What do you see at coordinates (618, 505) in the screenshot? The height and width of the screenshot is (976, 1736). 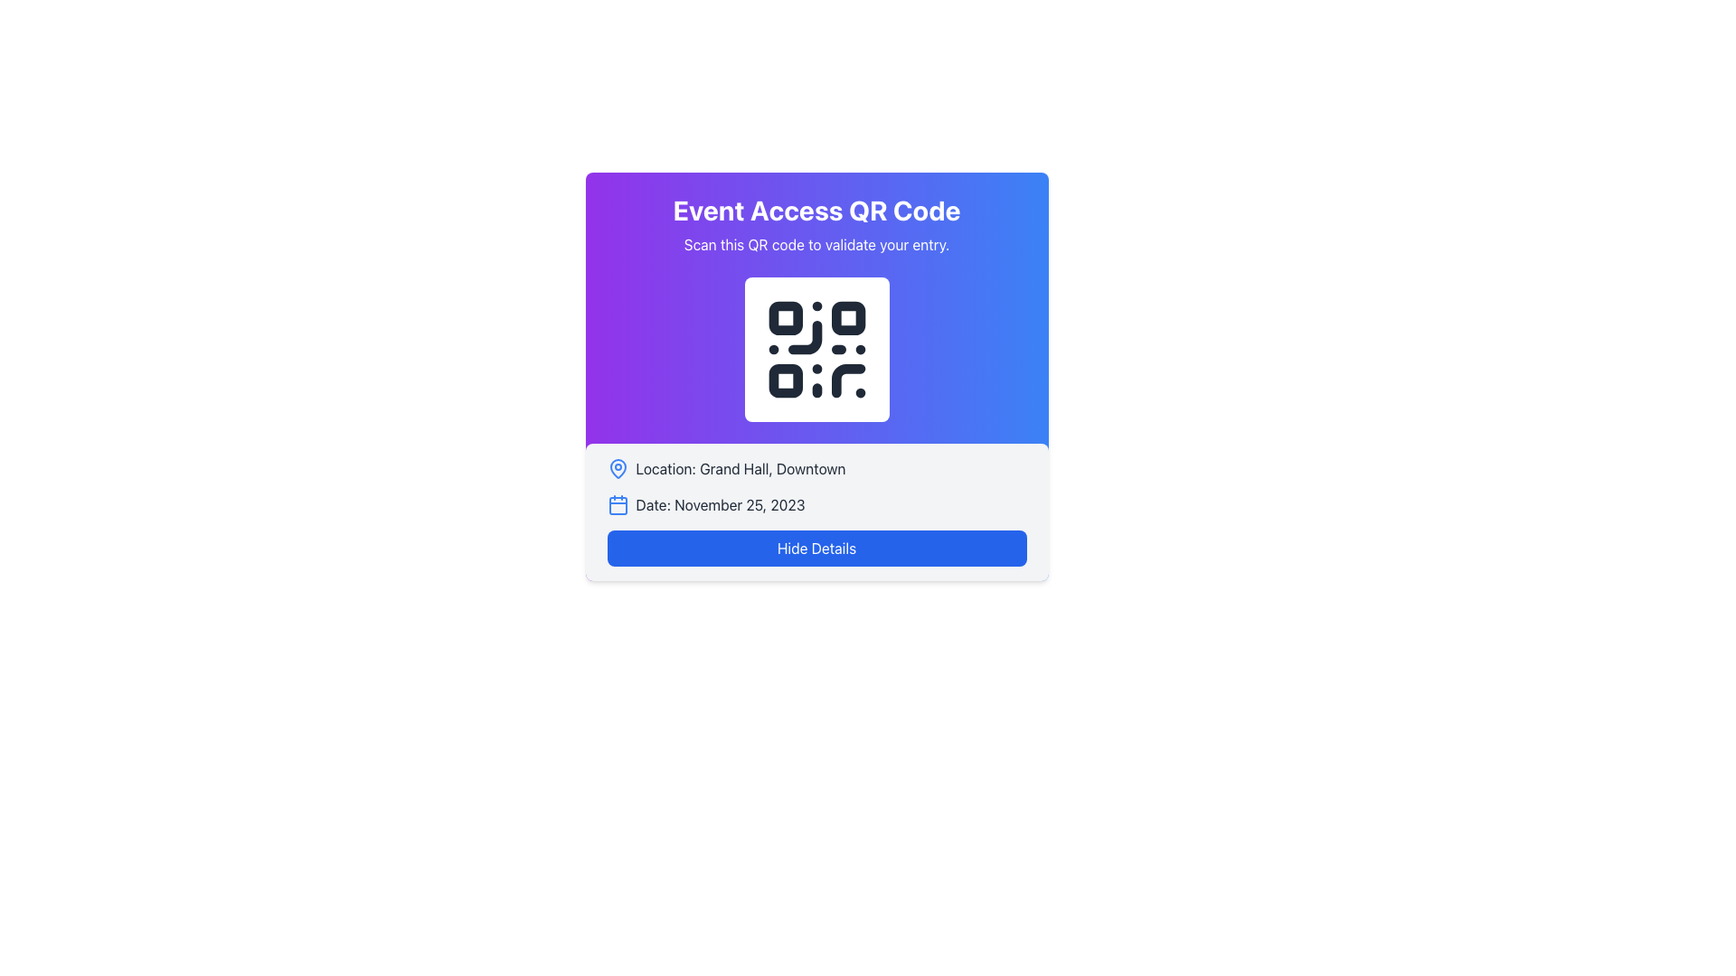 I see `the central rectangular shape of the calendar icon located to the left of the 'Date: November 25, 2023' label` at bounding box center [618, 505].